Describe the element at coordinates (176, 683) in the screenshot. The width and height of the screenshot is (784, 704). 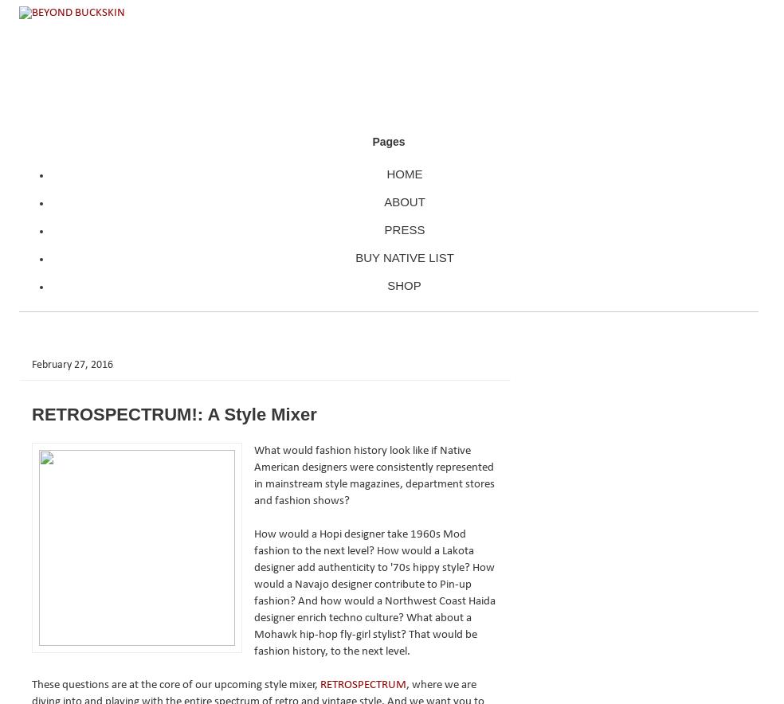
I see `'These questions are at the core of our upcoming style mixer,'` at that location.